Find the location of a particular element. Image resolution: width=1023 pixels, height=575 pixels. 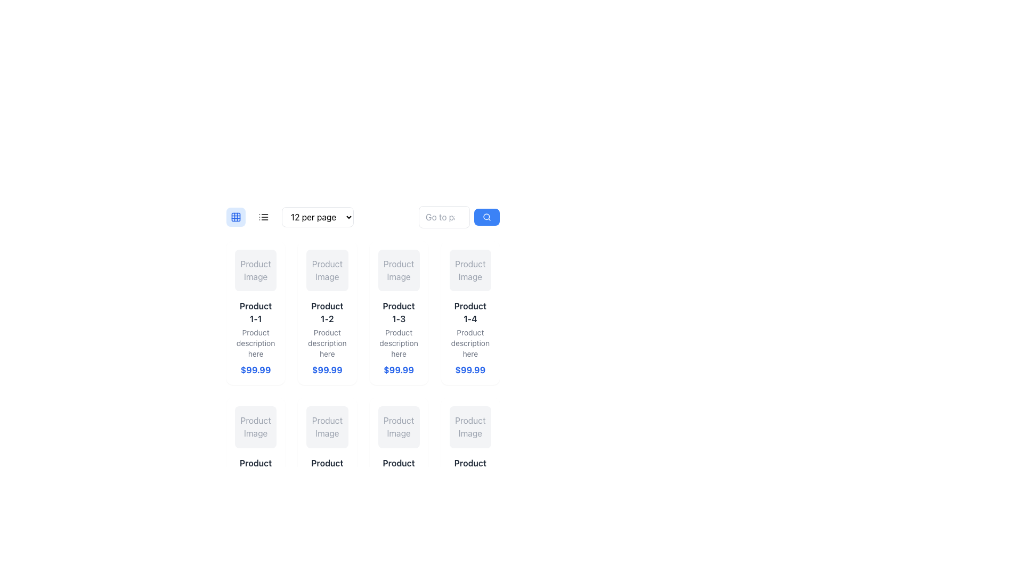

the informational text label located below the title 'Product 1-4' and above the price '$99.99' in the product grid layout is located at coordinates (469, 343).